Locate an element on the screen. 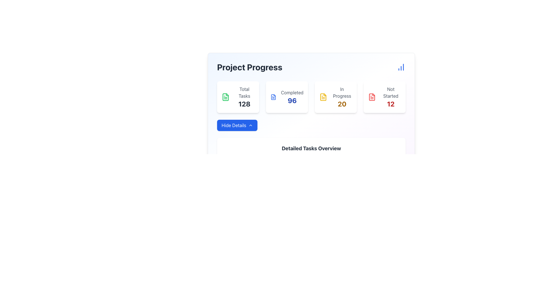  the 'Detailed Tasks Overview' informational text block for accessibility purposes, located near the bottom of the 'Project Progress' widget, below the 'Hide Details' button is located at coordinates (311, 147).